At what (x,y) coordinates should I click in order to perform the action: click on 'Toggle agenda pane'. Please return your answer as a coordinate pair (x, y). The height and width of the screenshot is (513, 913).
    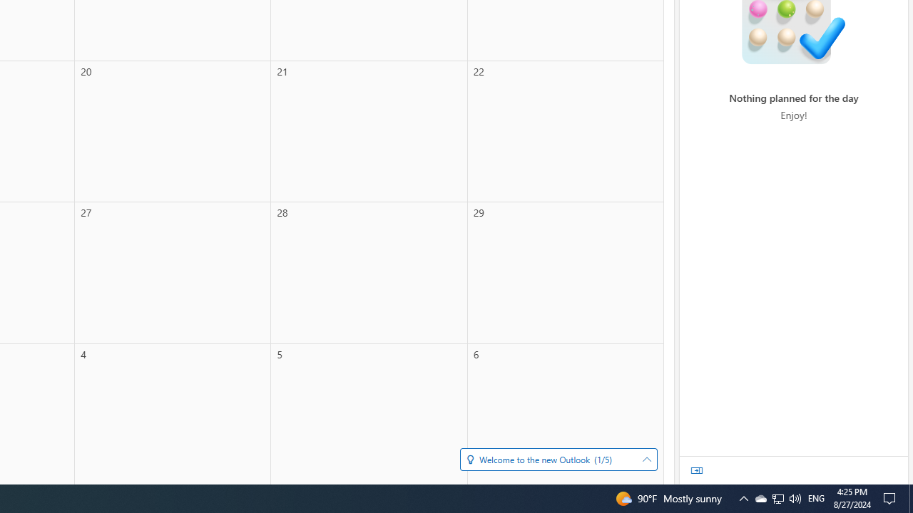
    Looking at the image, I should click on (697, 470).